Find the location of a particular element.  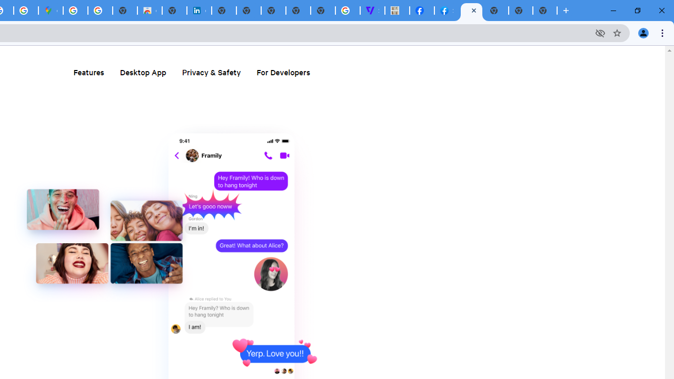

'Streaming - The Verge' is located at coordinates (372, 11).